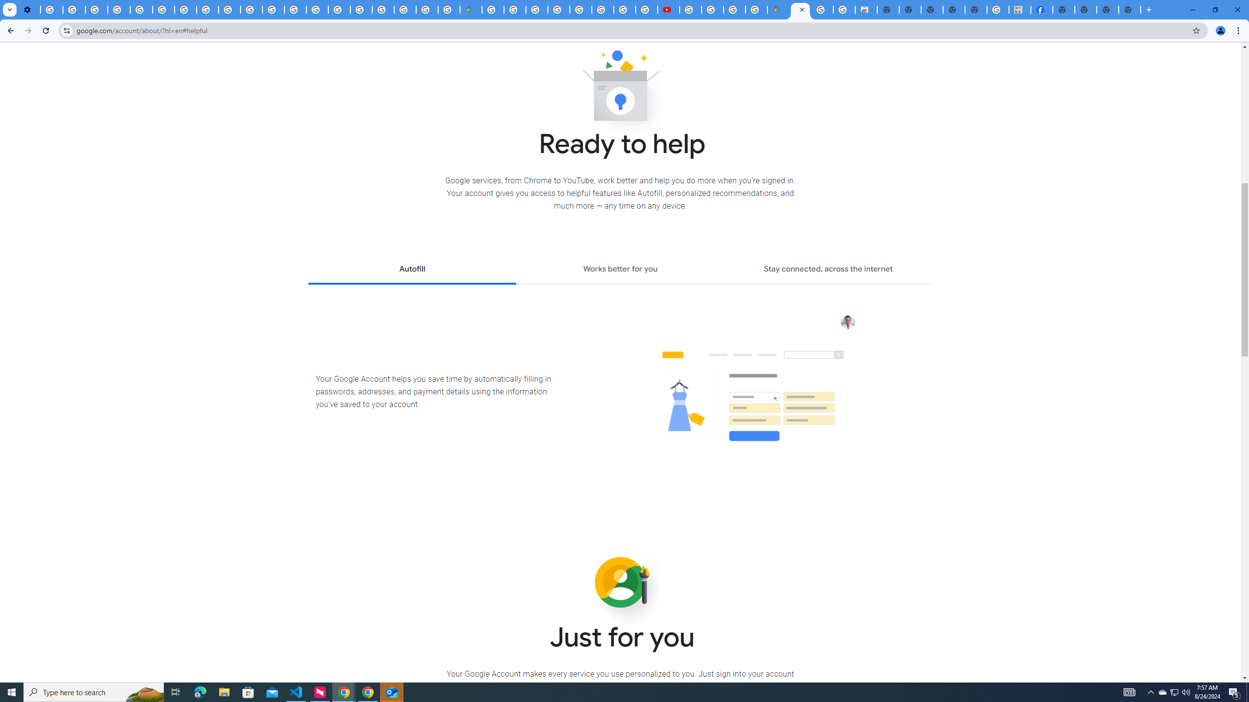 The width and height of the screenshot is (1249, 702). I want to click on 'How Chrome protects your passwords - Google Chrome Help', so click(690, 9).